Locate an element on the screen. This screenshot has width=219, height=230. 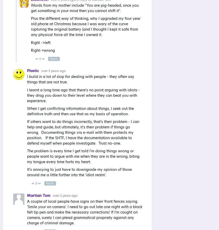
'Plastic' is located at coordinates (33, 70).